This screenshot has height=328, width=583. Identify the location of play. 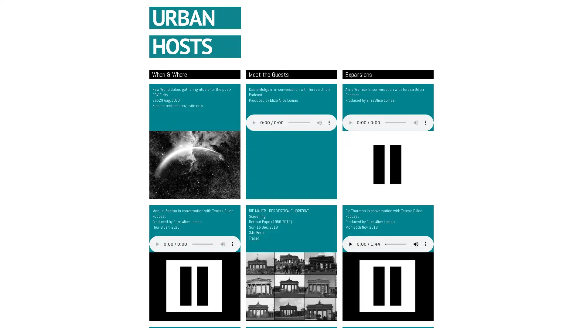
(254, 123).